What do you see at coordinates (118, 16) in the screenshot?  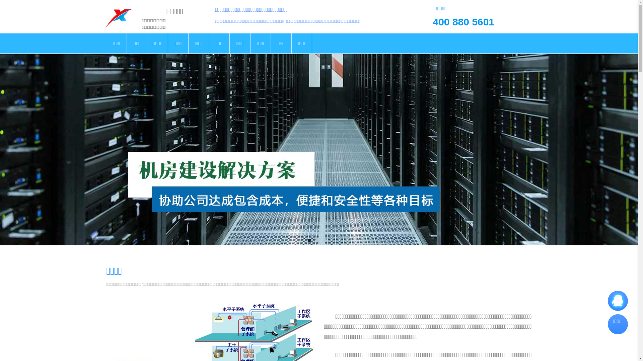 I see `'logo'` at bounding box center [118, 16].